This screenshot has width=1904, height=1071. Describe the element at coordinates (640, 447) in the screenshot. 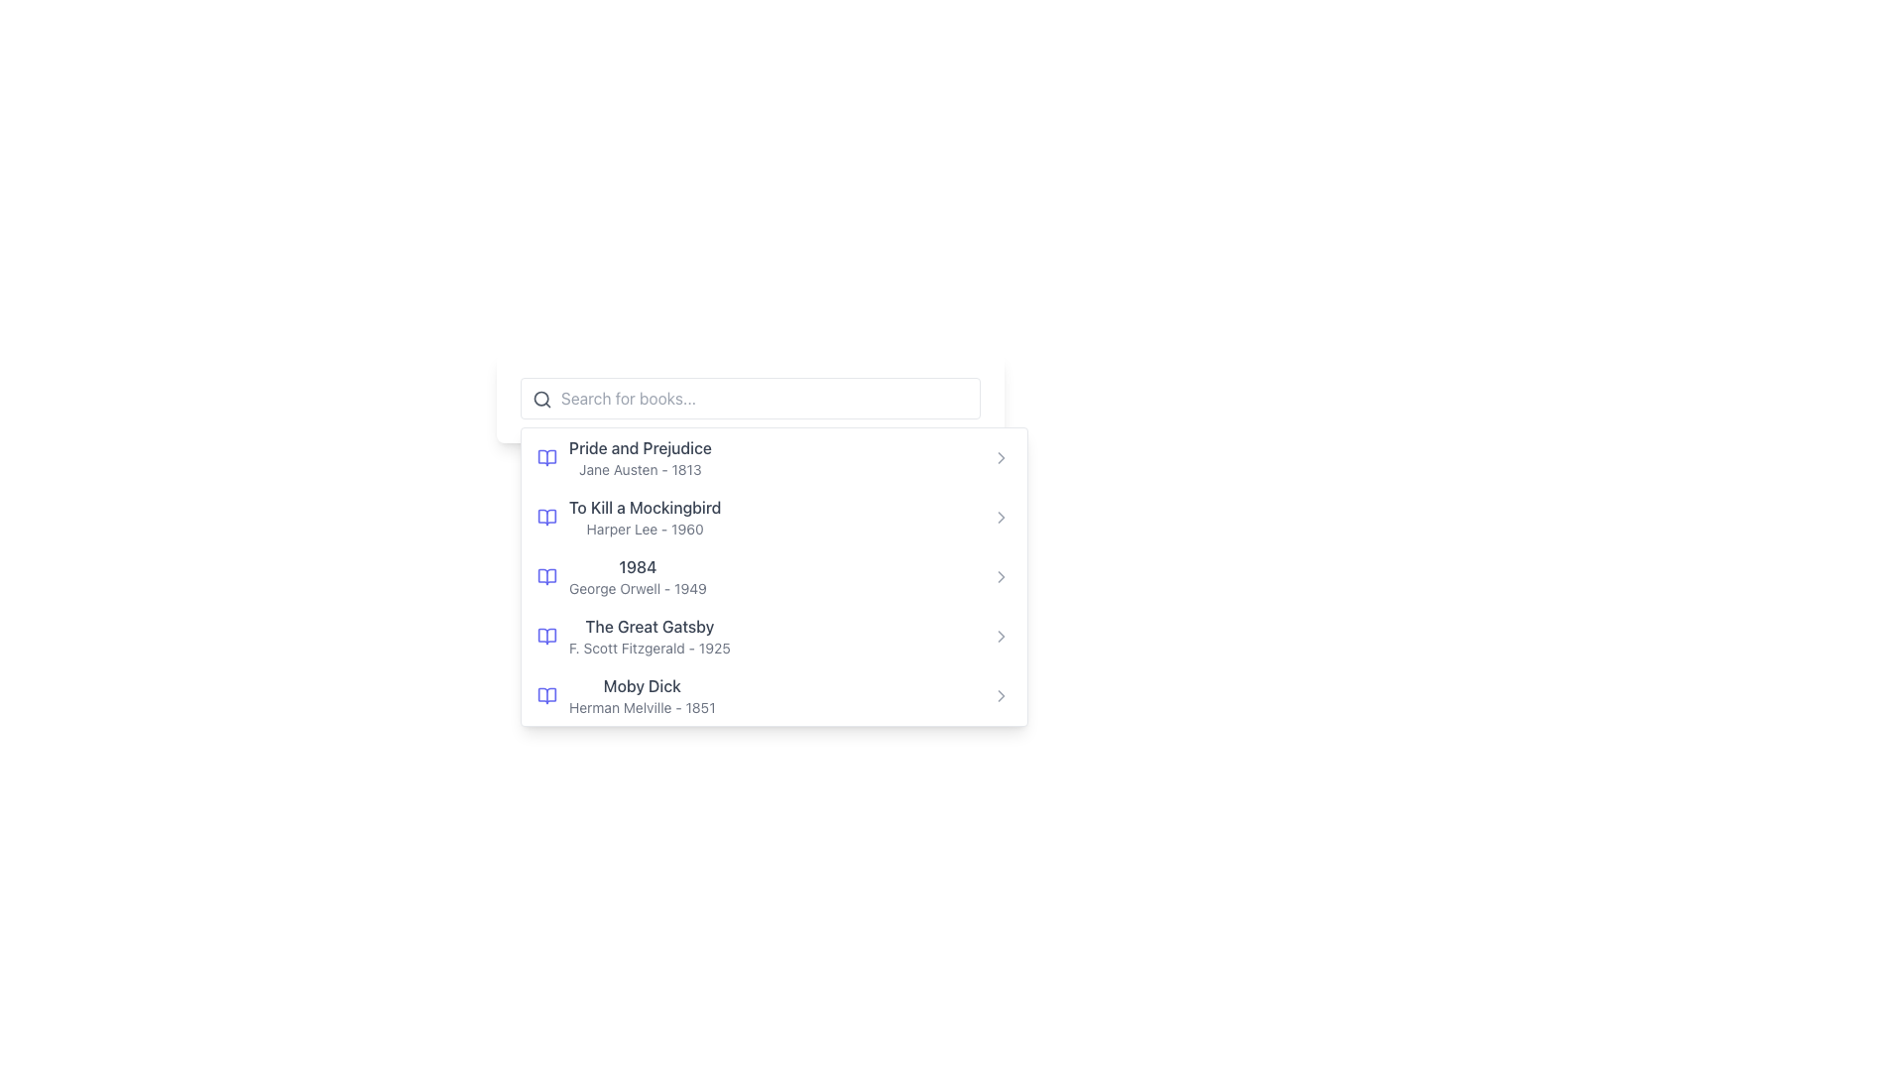

I see `the text element displaying the title 'Pride and Prejudice', which is styled in a medium-weight font and gray color, positioned at the top of a list of book entries` at that location.